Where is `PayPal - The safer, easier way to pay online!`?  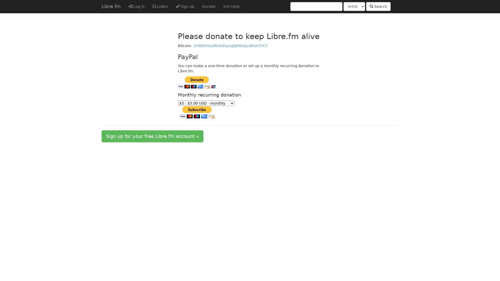
PayPal - The safer, easier way to pay online! is located at coordinates (196, 82).